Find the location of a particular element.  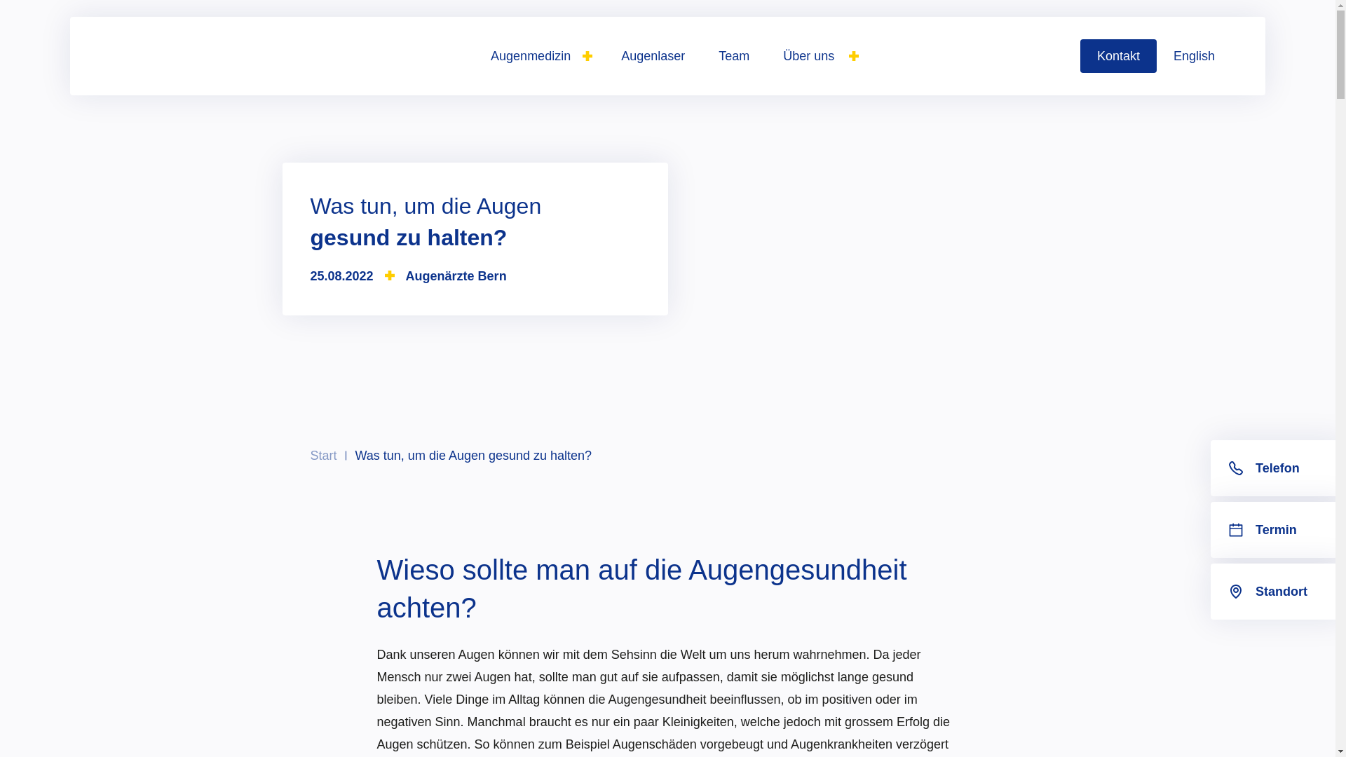

'Augenmedizin' is located at coordinates (538, 55).